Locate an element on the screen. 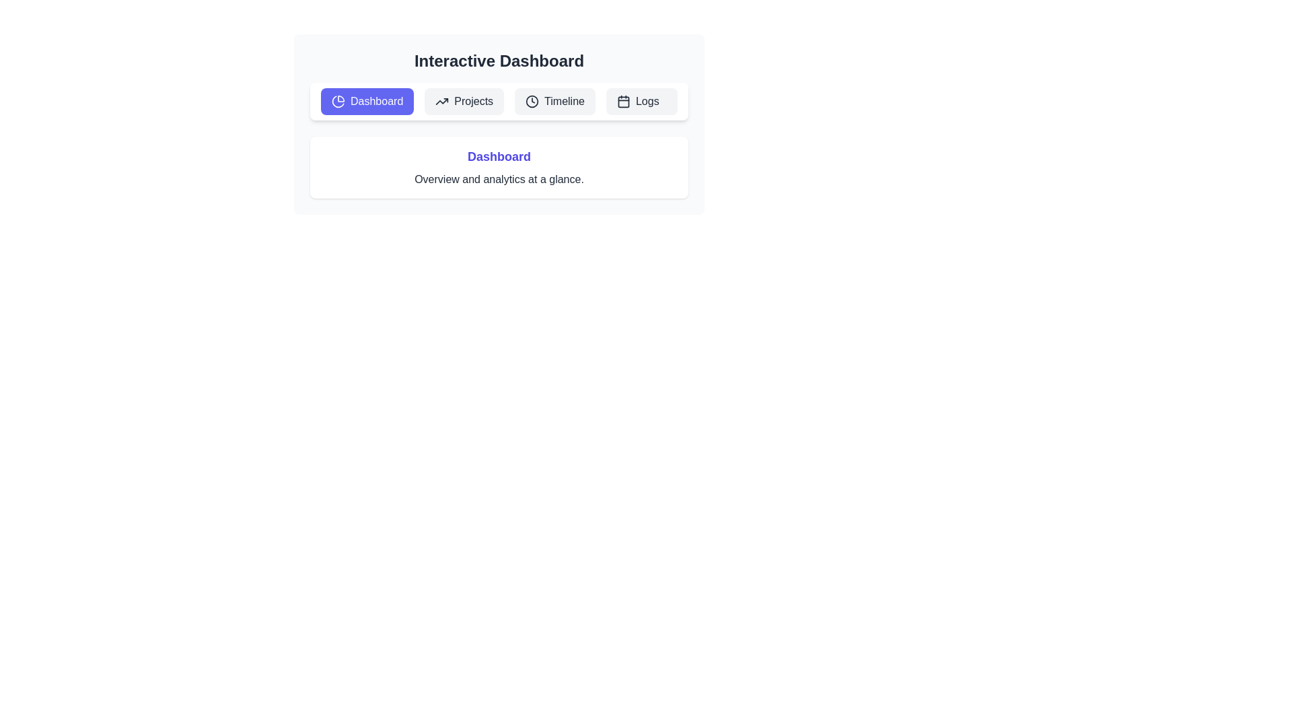  the 'Dashboard' button located at the top-left of the interface to trigger the tooltip if available is located at coordinates (367, 100).